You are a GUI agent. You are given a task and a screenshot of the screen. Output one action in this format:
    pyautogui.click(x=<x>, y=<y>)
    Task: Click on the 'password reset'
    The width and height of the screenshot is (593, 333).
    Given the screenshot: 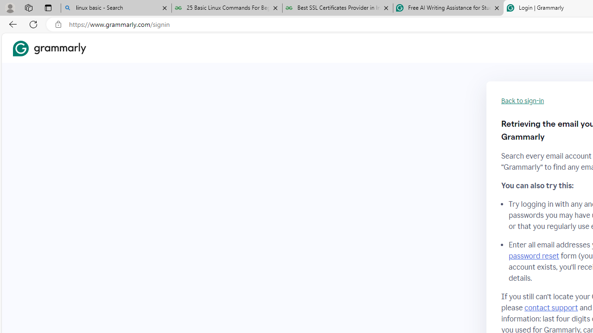 What is the action you would take?
    pyautogui.click(x=534, y=256)
    